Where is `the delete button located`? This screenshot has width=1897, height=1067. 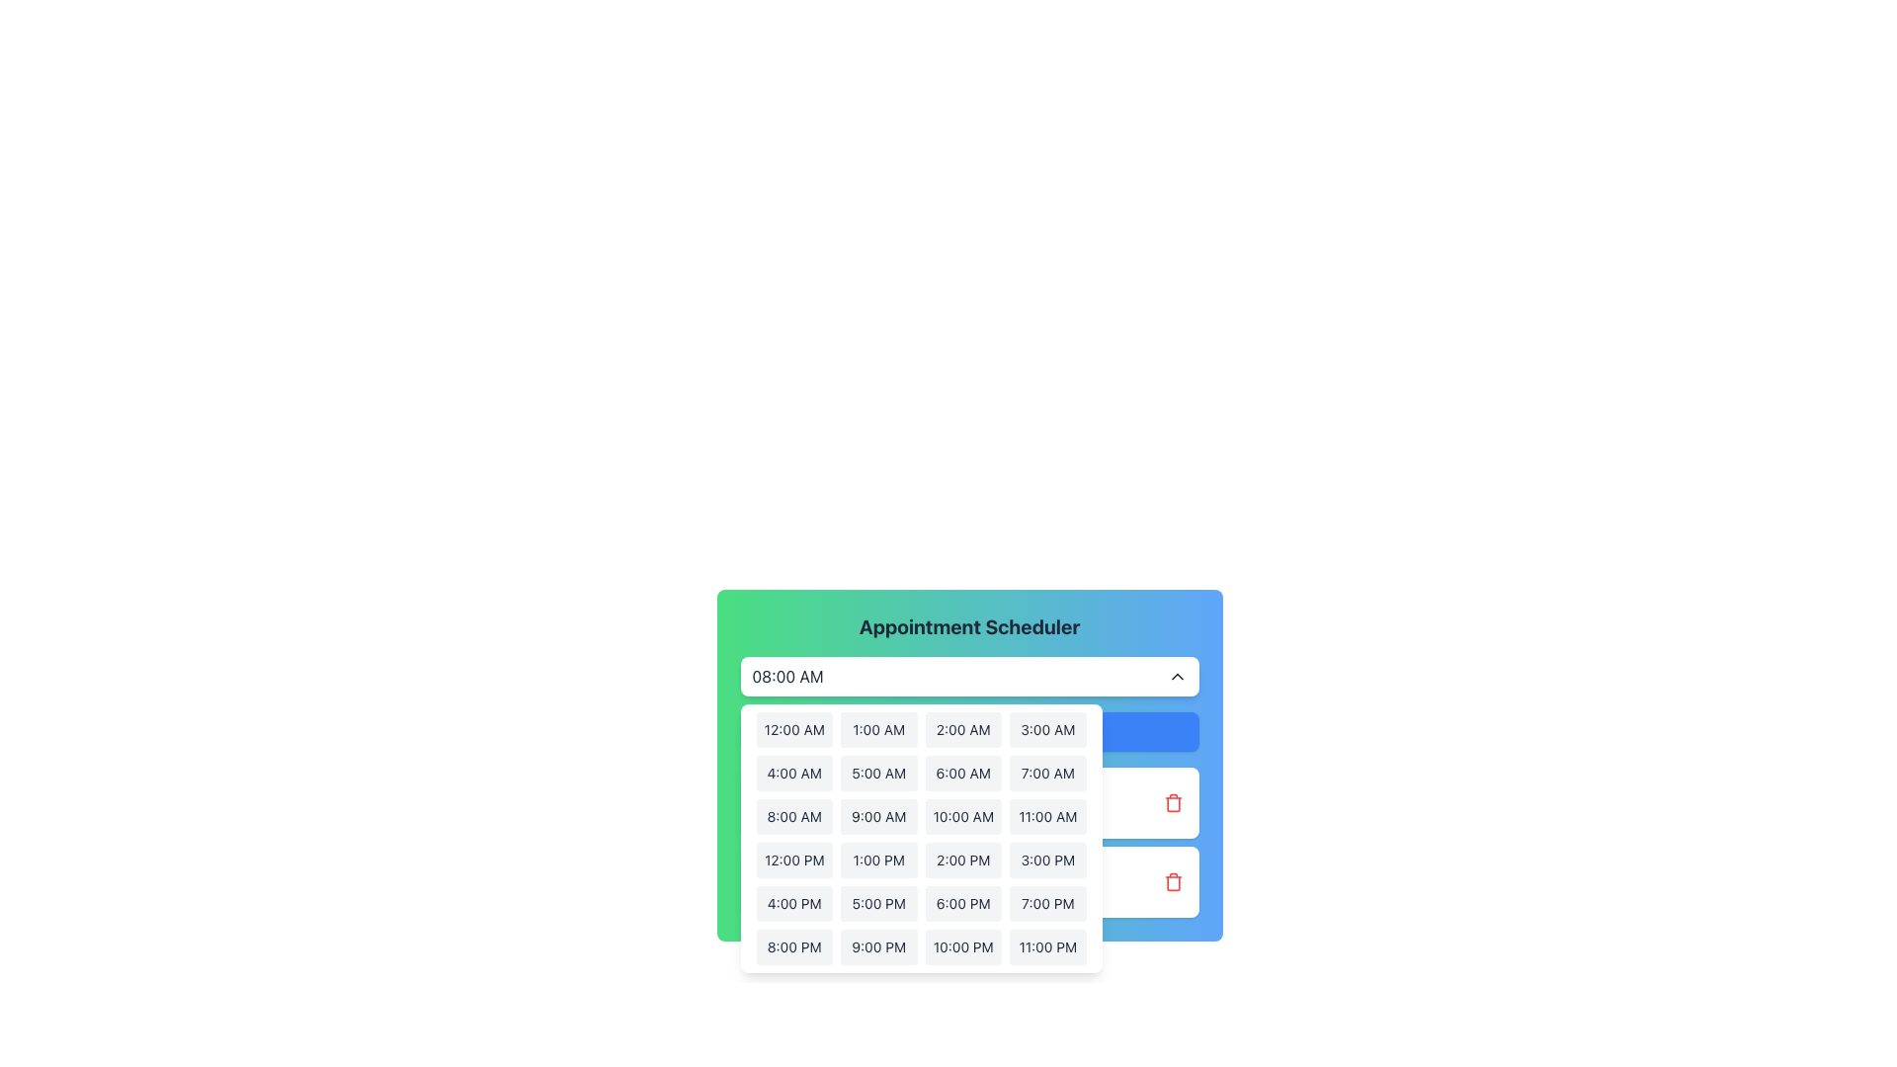
the delete button located is located at coordinates (1173, 803).